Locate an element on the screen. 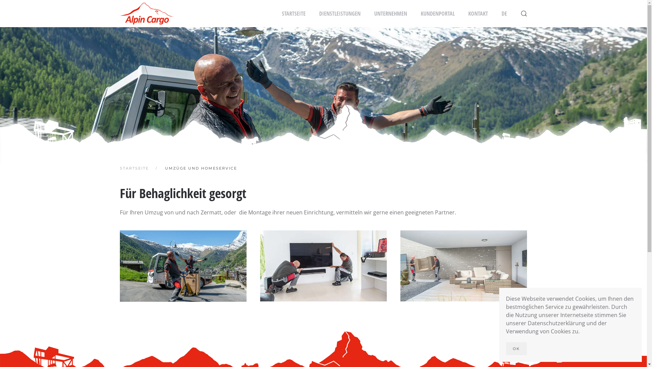 The width and height of the screenshot is (652, 367). 'KUNDENPORTAL' is located at coordinates (437, 13).